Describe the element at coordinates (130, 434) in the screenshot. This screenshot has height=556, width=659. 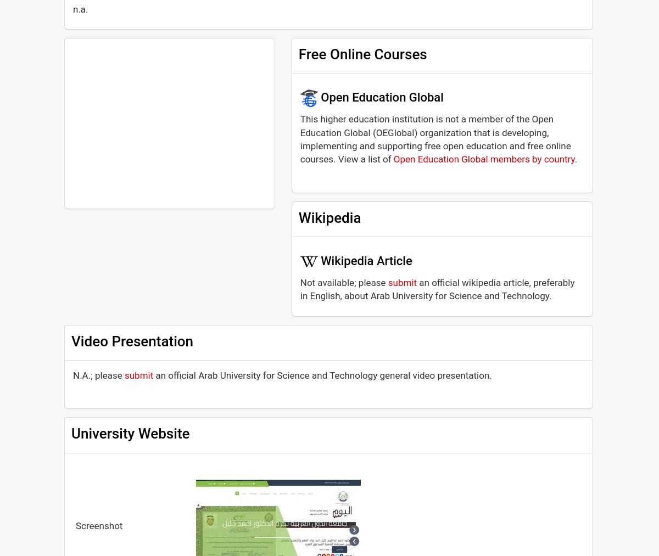
I see `'University Website'` at that location.